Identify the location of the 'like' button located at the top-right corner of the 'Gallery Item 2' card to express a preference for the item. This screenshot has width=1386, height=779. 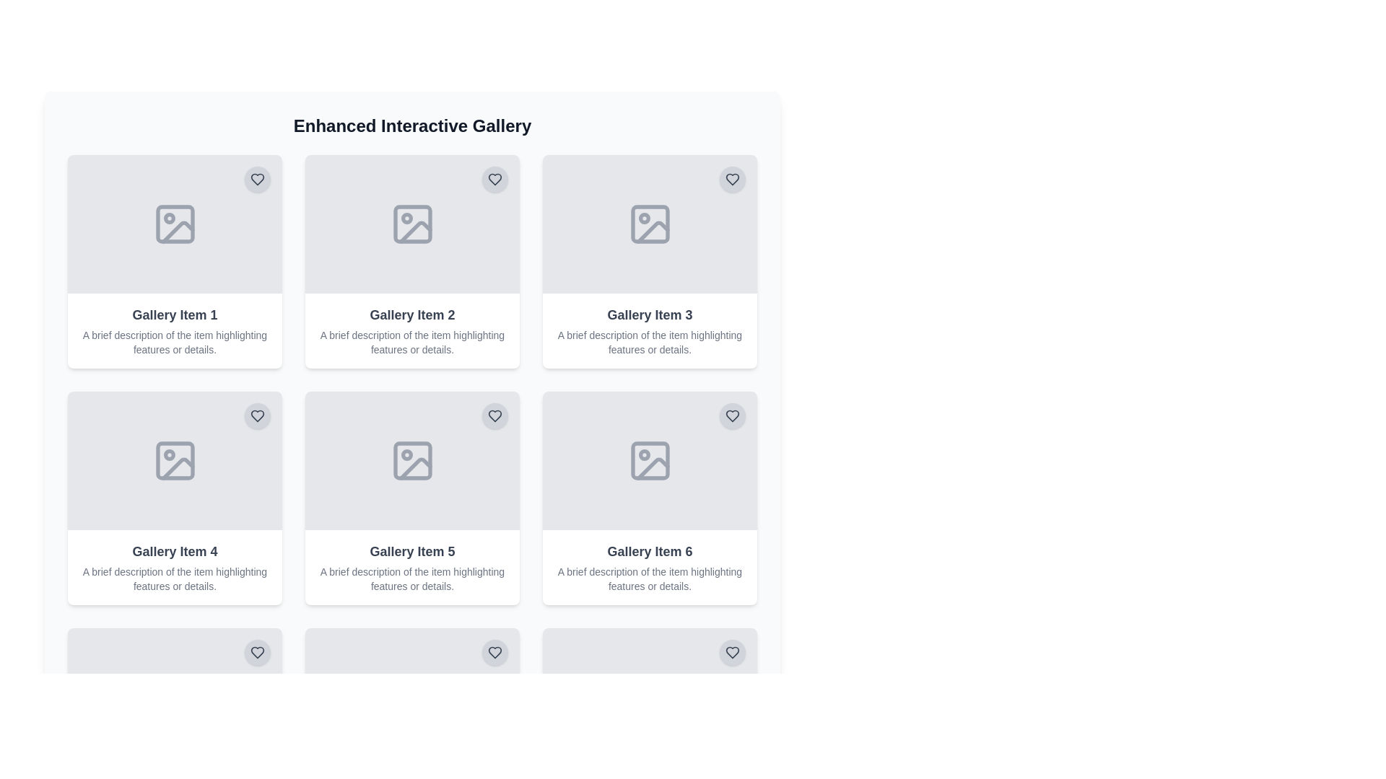
(495, 179).